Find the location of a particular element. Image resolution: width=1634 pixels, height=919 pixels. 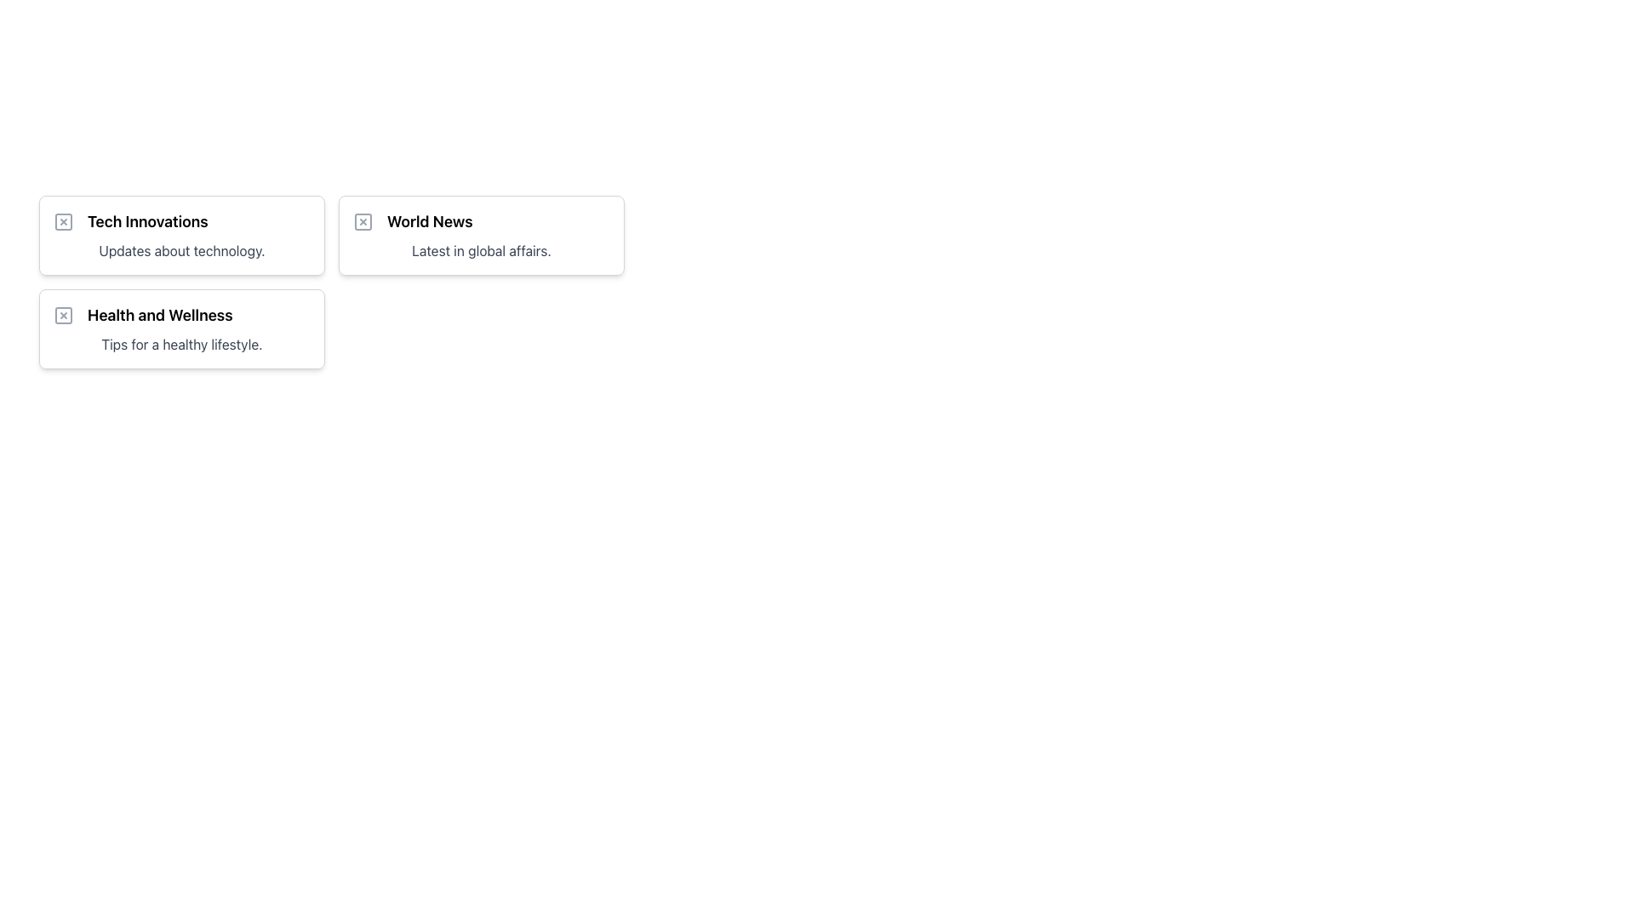

the technology summary card located in the top-left corner of the grid layout is located at coordinates (182, 236).